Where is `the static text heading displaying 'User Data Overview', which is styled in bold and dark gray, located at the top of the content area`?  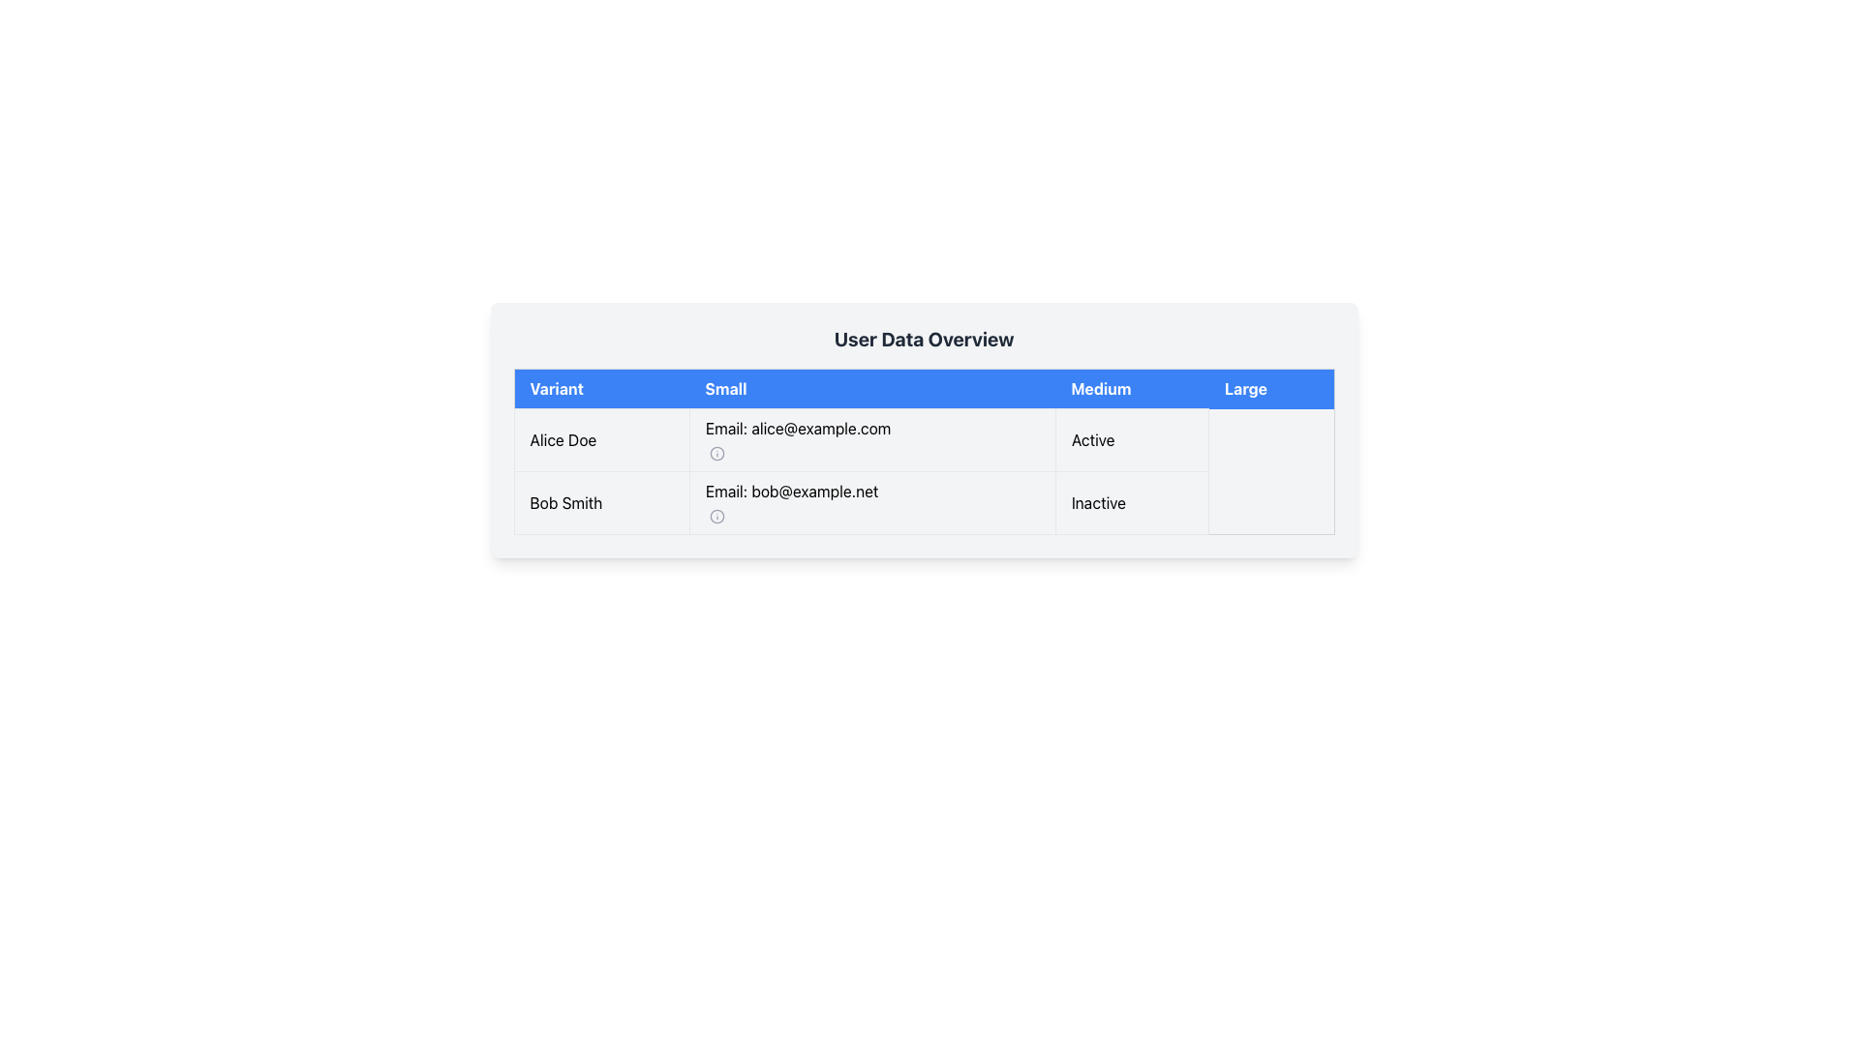 the static text heading displaying 'User Data Overview', which is styled in bold and dark gray, located at the top of the content area is located at coordinates (923, 339).